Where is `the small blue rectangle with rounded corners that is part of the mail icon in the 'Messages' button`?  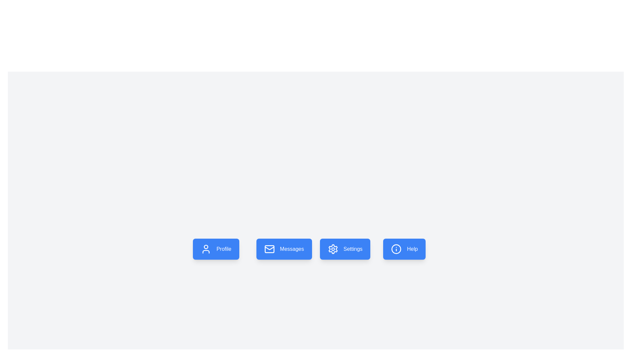 the small blue rectangle with rounded corners that is part of the mail icon in the 'Messages' button is located at coordinates (269, 249).